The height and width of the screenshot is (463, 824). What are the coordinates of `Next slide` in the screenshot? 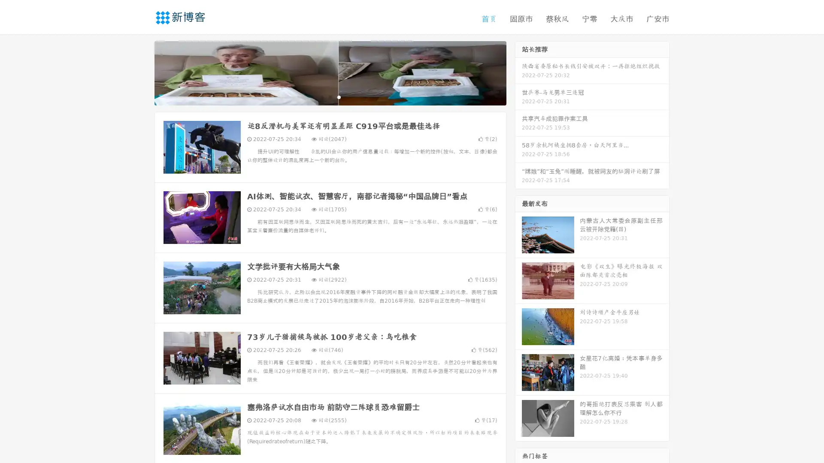 It's located at (518, 72).